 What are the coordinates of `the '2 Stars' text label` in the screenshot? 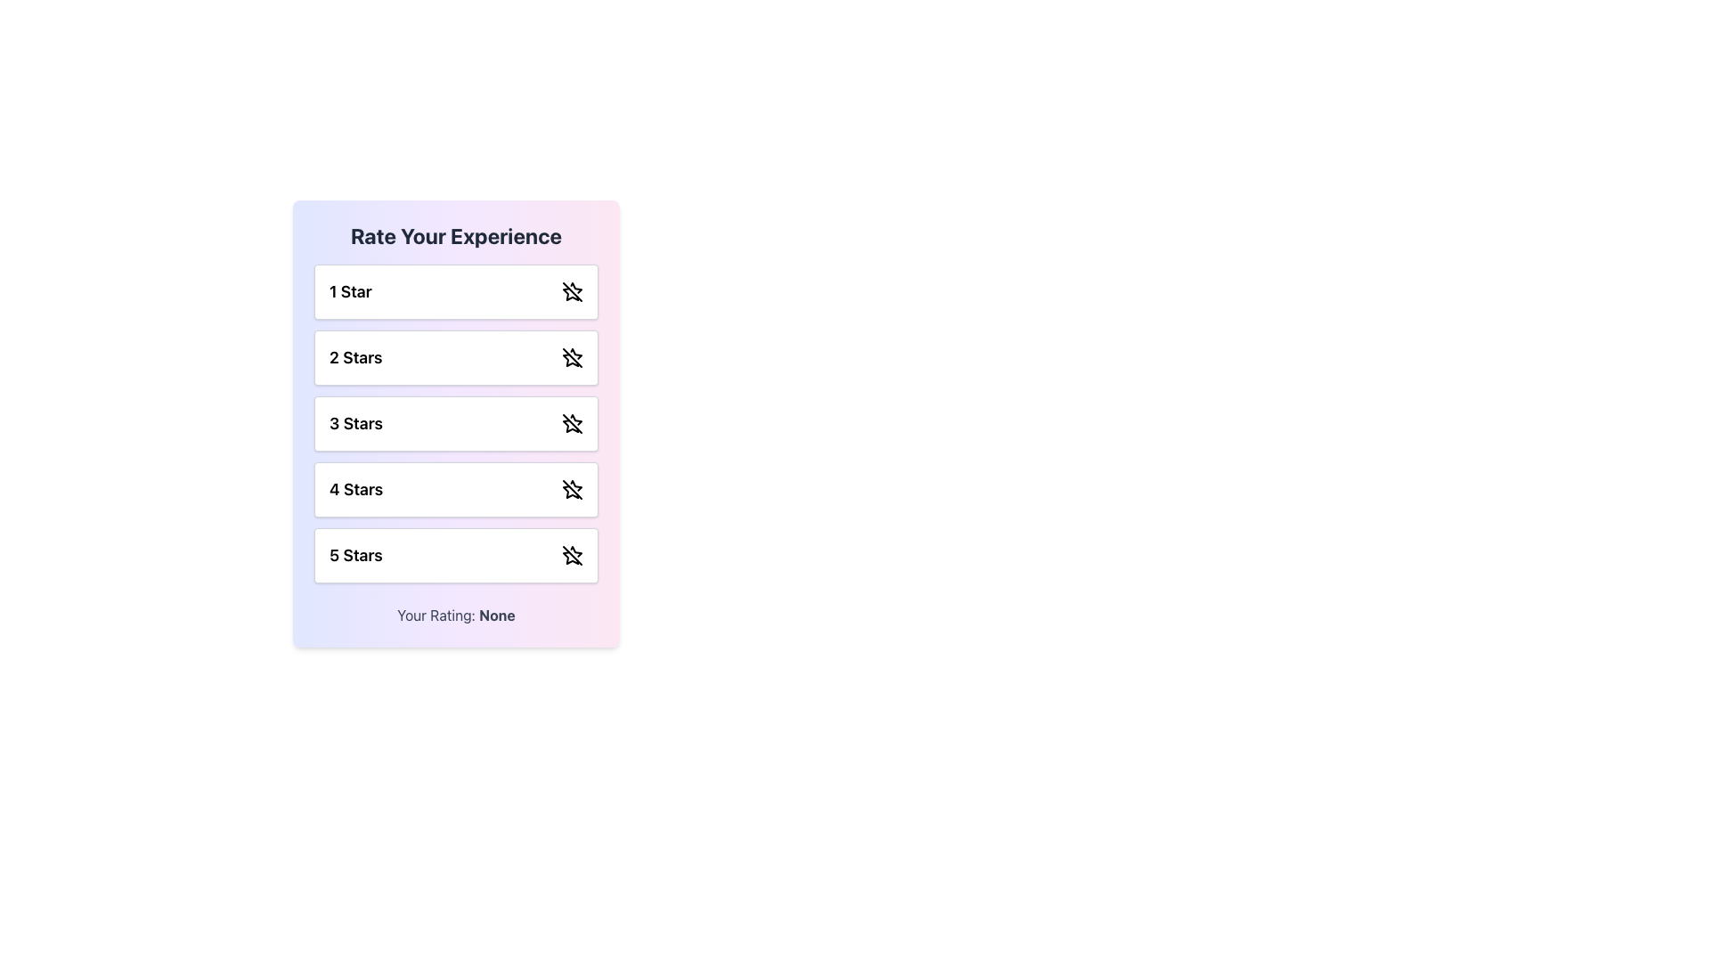 It's located at (355, 357).